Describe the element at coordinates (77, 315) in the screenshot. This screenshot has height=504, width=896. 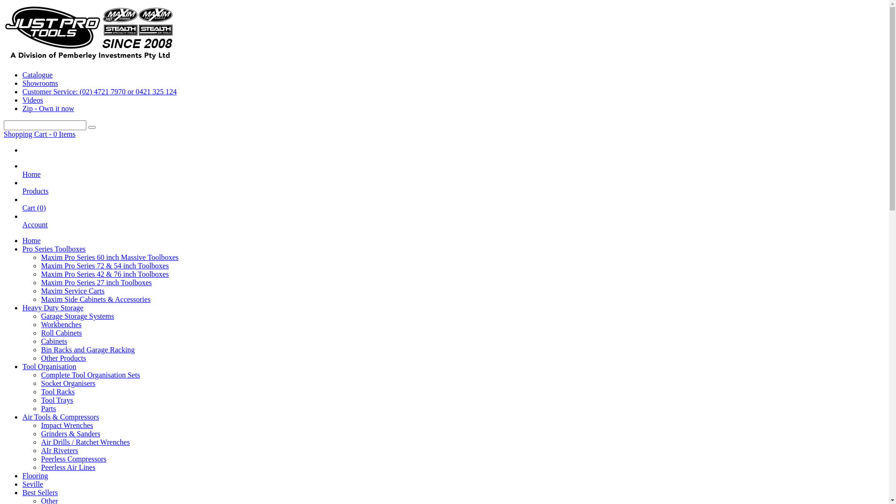
I see `'Garage Storage Systems'` at that location.